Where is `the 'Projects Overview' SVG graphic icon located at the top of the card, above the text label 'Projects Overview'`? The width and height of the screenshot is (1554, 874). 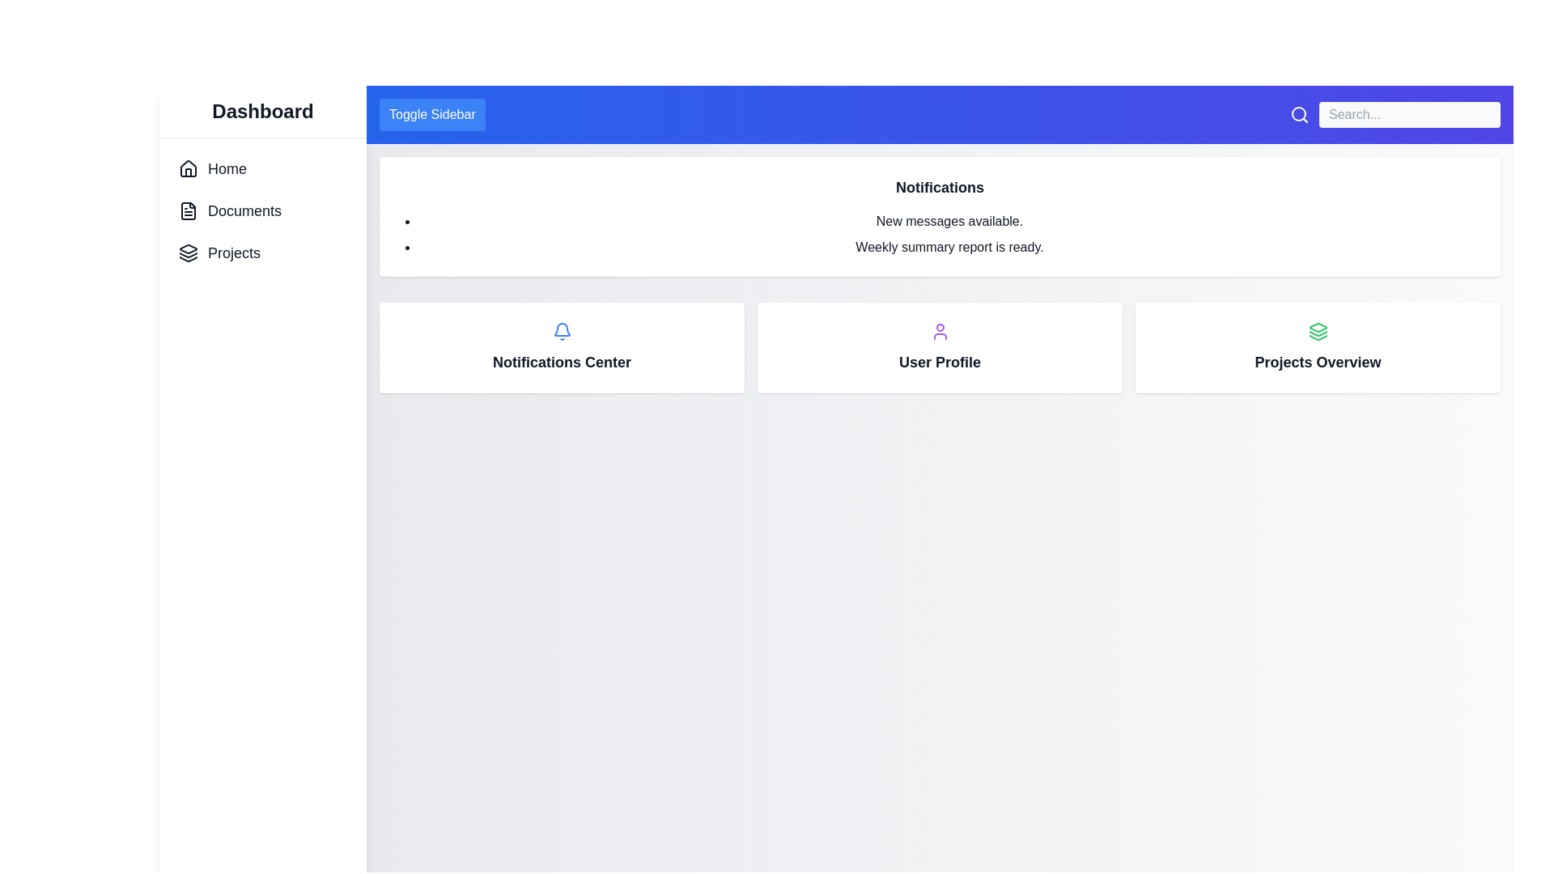 the 'Projects Overview' SVG graphic icon located at the top of the card, above the text label 'Projects Overview' is located at coordinates (1318, 330).